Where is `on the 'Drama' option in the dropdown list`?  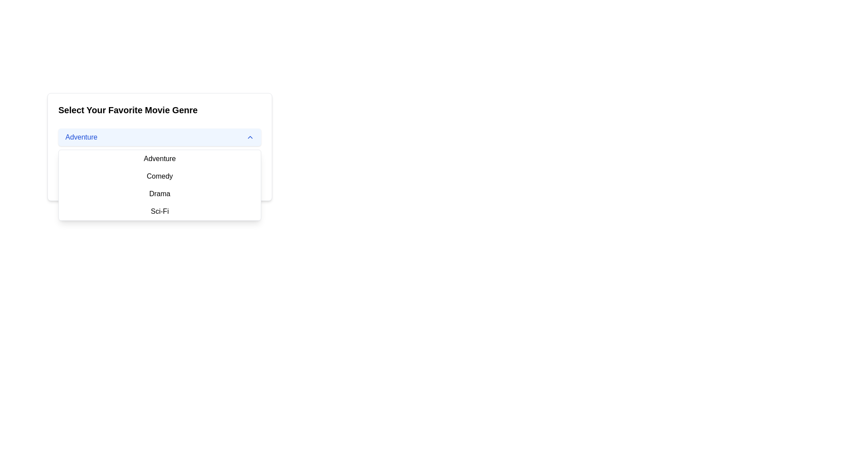
on the 'Drama' option in the dropdown list is located at coordinates (160, 194).